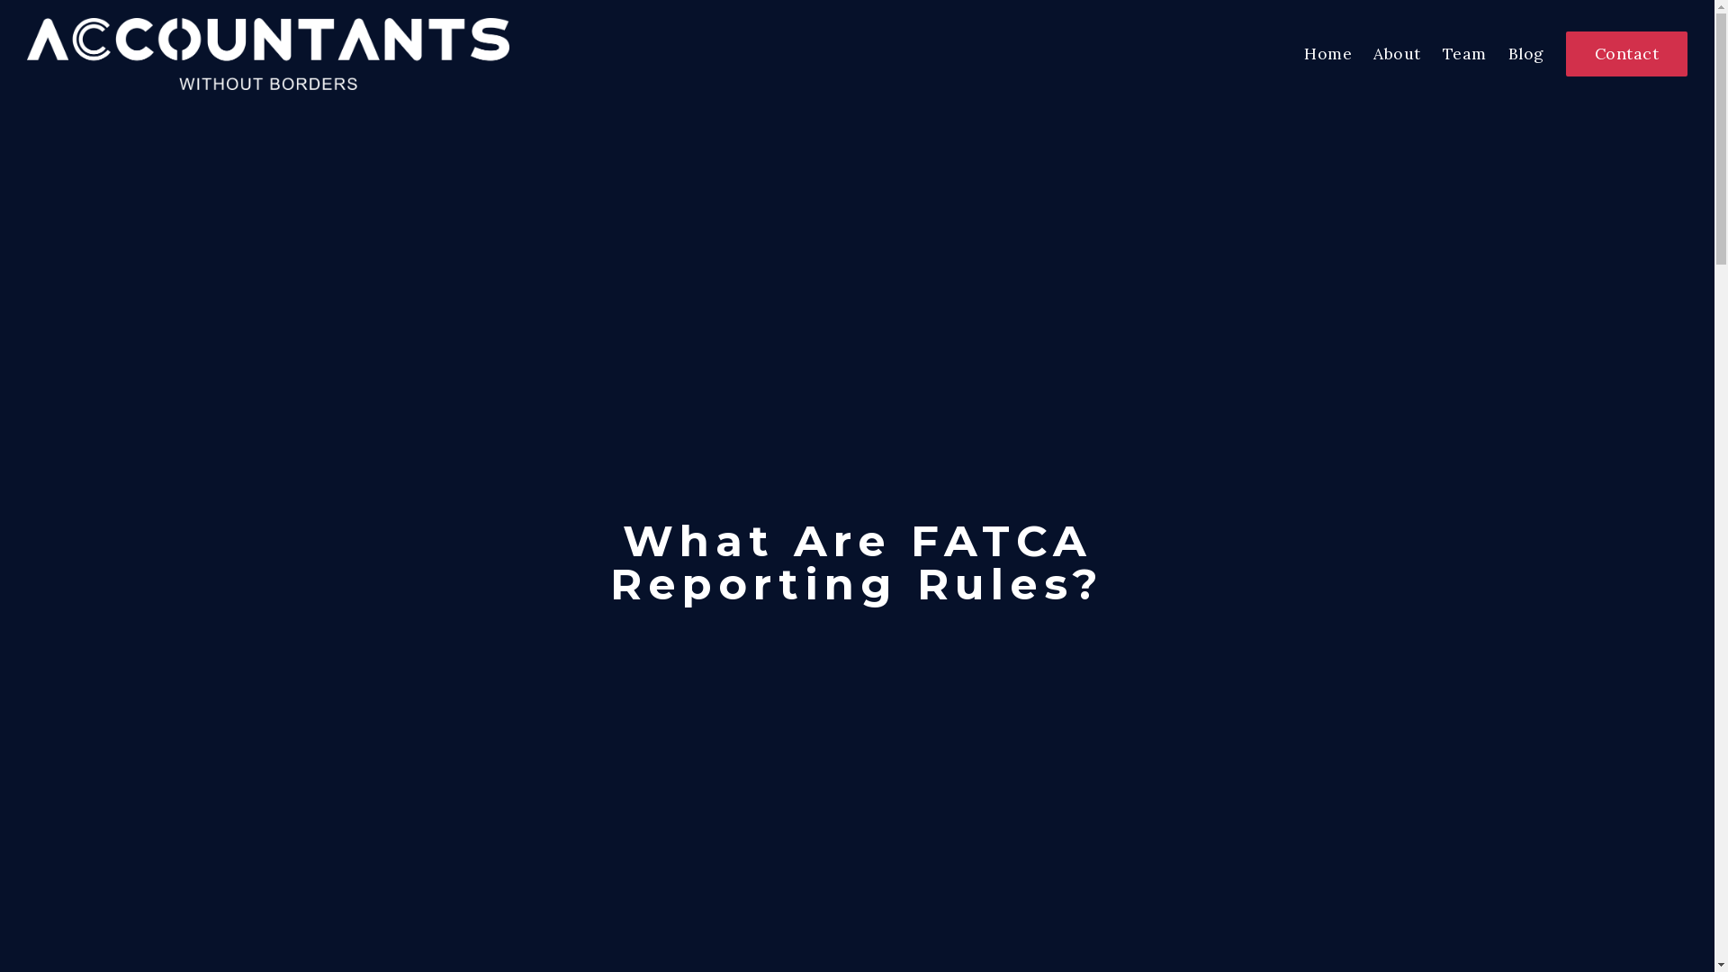  Describe the element at coordinates (1327, 52) in the screenshot. I see `'Home'` at that location.